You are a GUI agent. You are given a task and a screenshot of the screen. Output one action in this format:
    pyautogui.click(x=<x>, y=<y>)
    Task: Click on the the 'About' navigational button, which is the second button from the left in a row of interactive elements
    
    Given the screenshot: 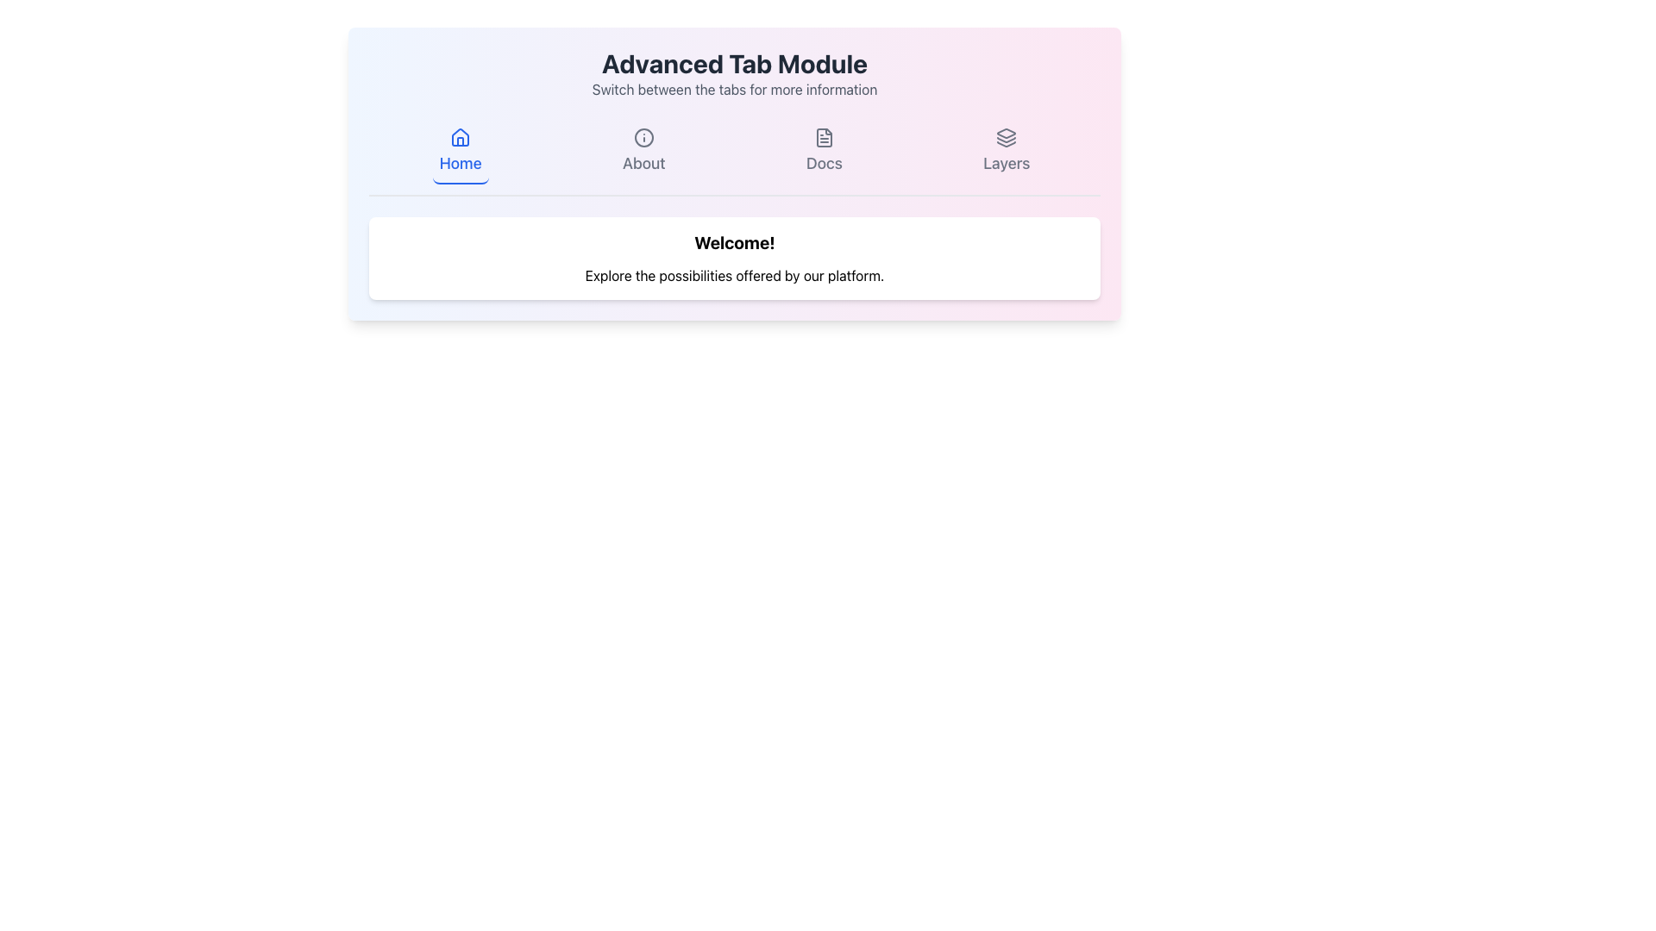 What is the action you would take?
    pyautogui.click(x=643, y=152)
    